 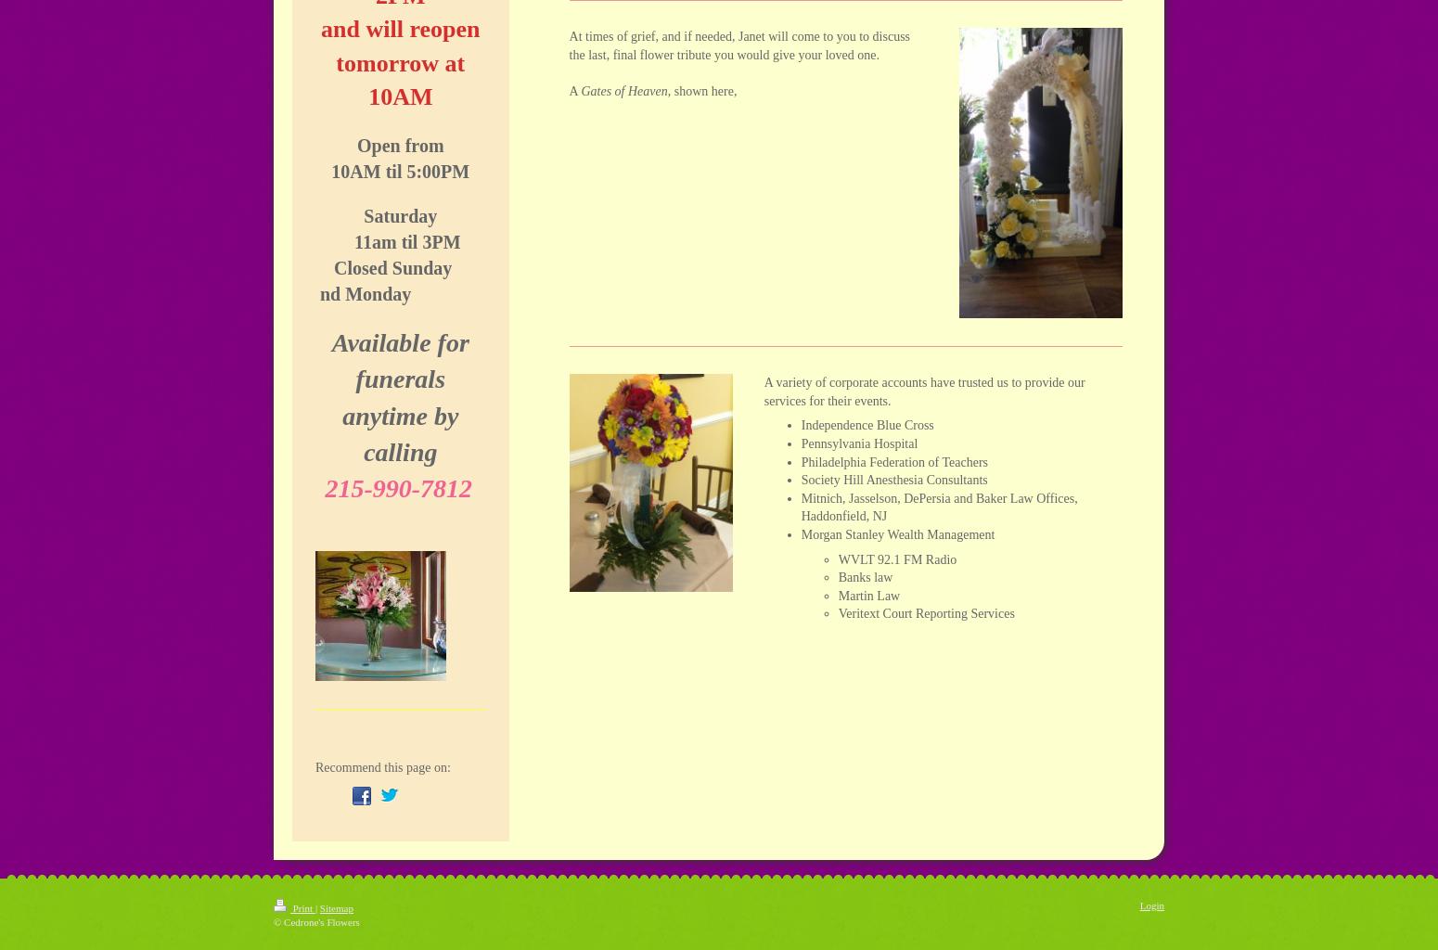 What do you see at coordinates (313, 907) in the screenshot?
I see `'|'` at bounding box center [313, 907].